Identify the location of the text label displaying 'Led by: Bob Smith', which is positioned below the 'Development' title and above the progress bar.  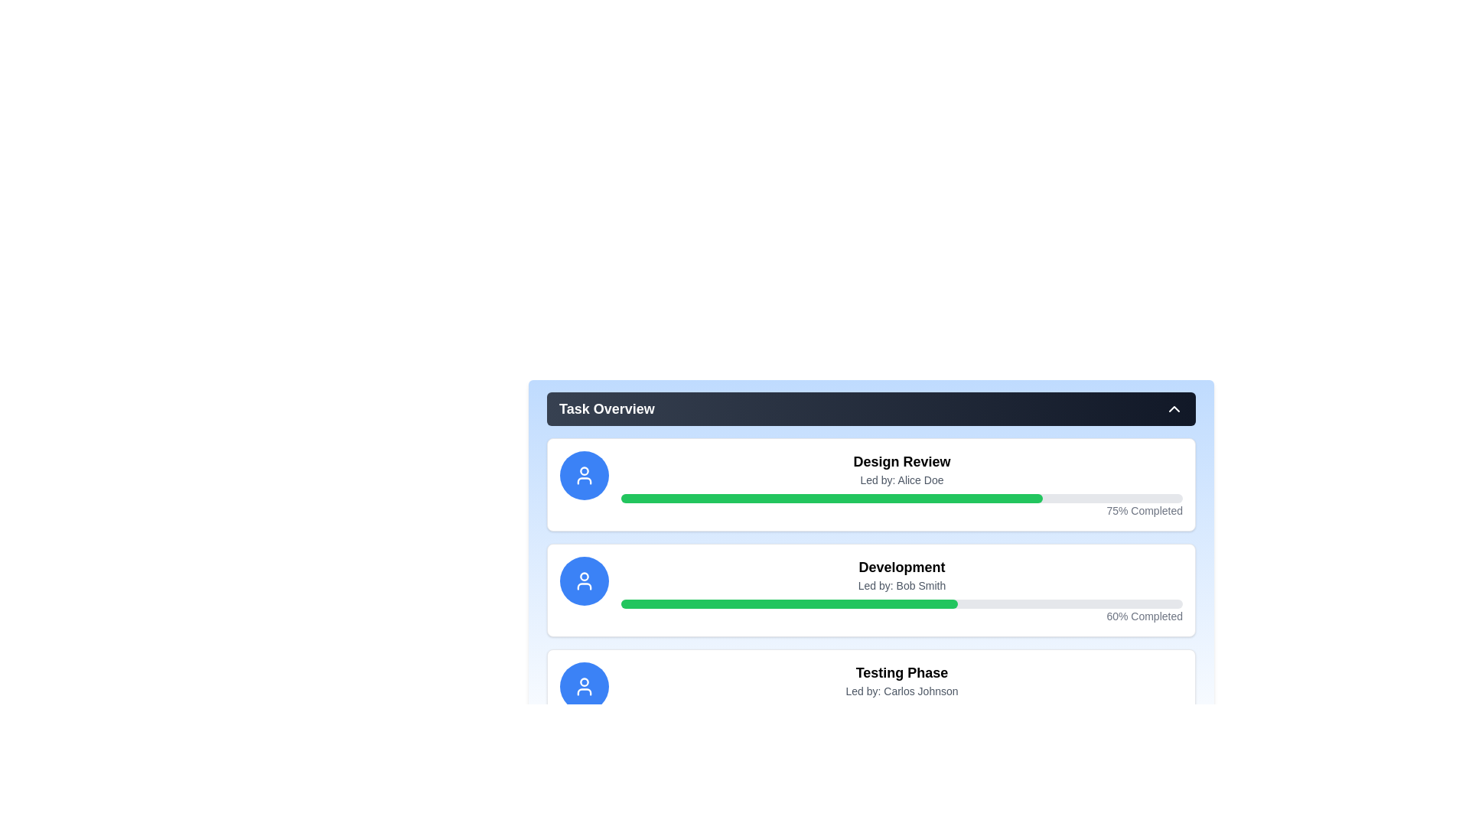
(902, 585).